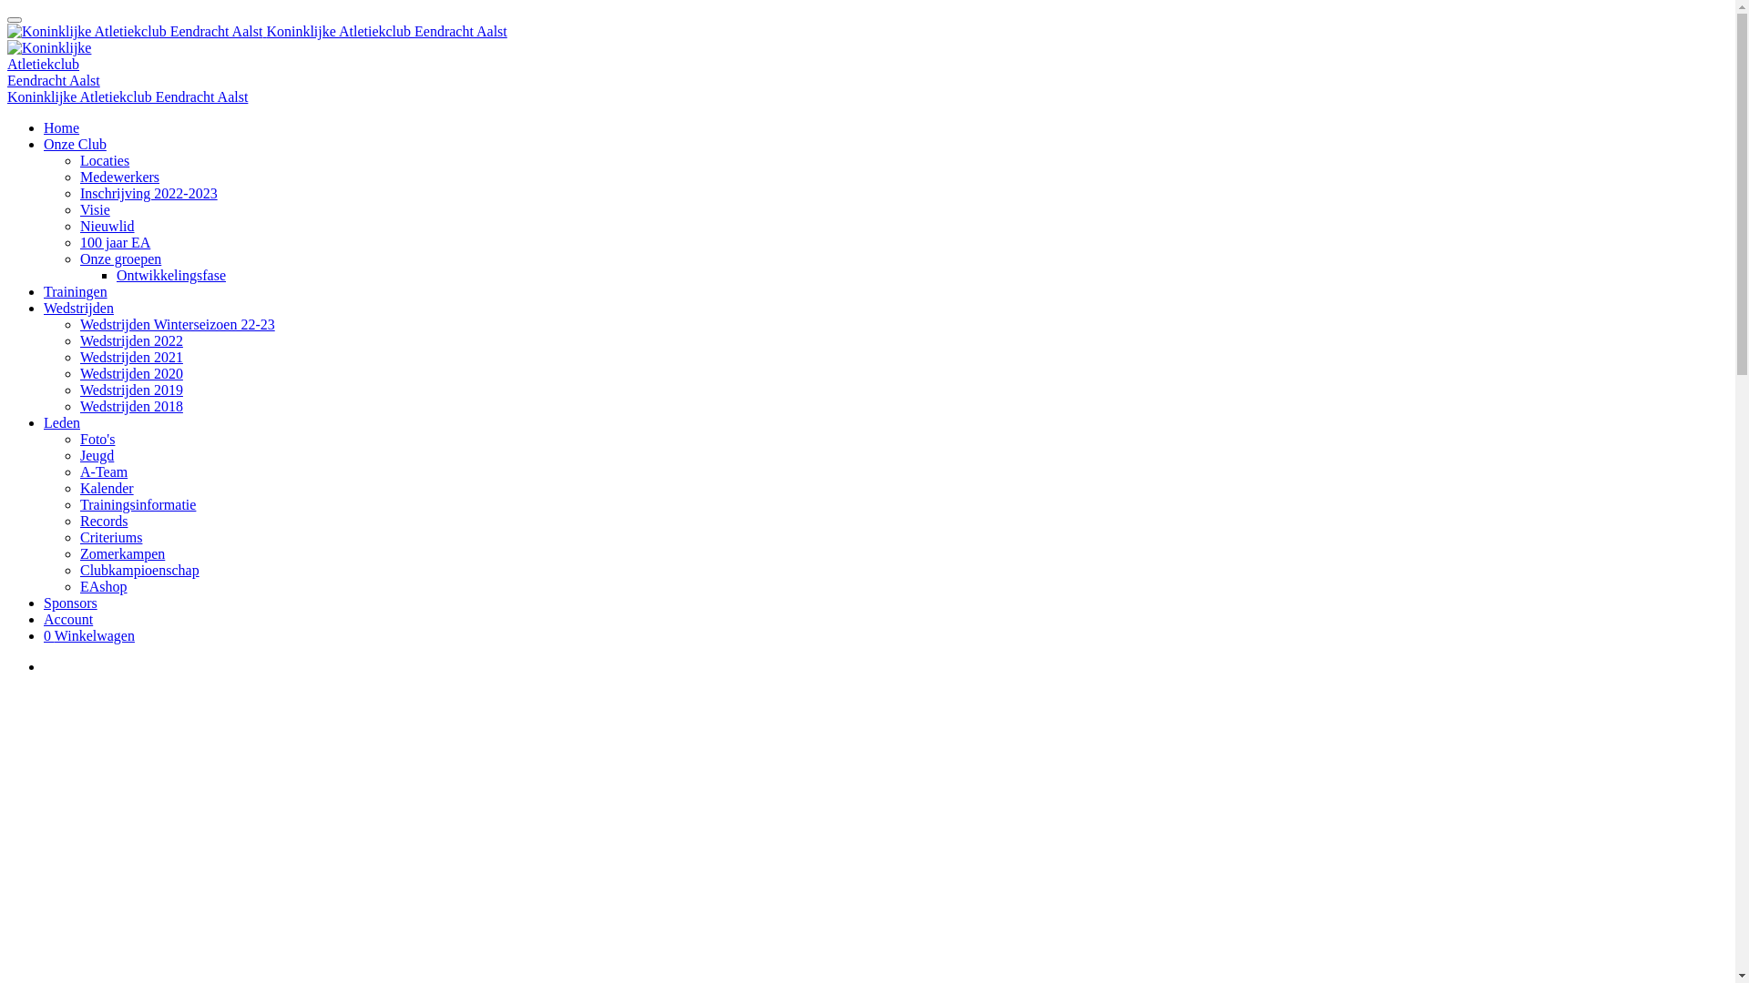 This screenshot has height=983, width=1749. What do you see at coordinates (7, 96) in the screenshot?
I see `'Koninklijke Atletiekclub Eendracht Aalst'` at bounding box center [7, 96].